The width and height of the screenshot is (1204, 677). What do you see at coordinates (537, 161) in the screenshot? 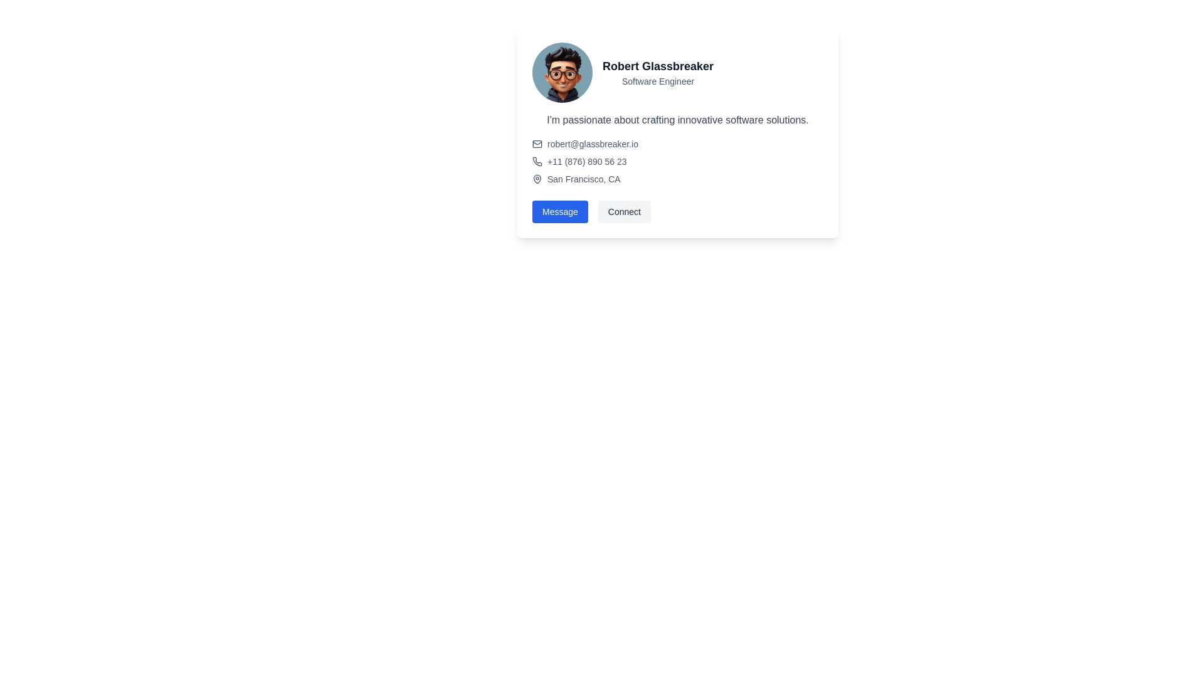
I see `the phone icon, which is a line art styled telephone receiver located to the left of the text '+11 (876) 890 56 23' within the profile card` at bounding box center [537, 161].